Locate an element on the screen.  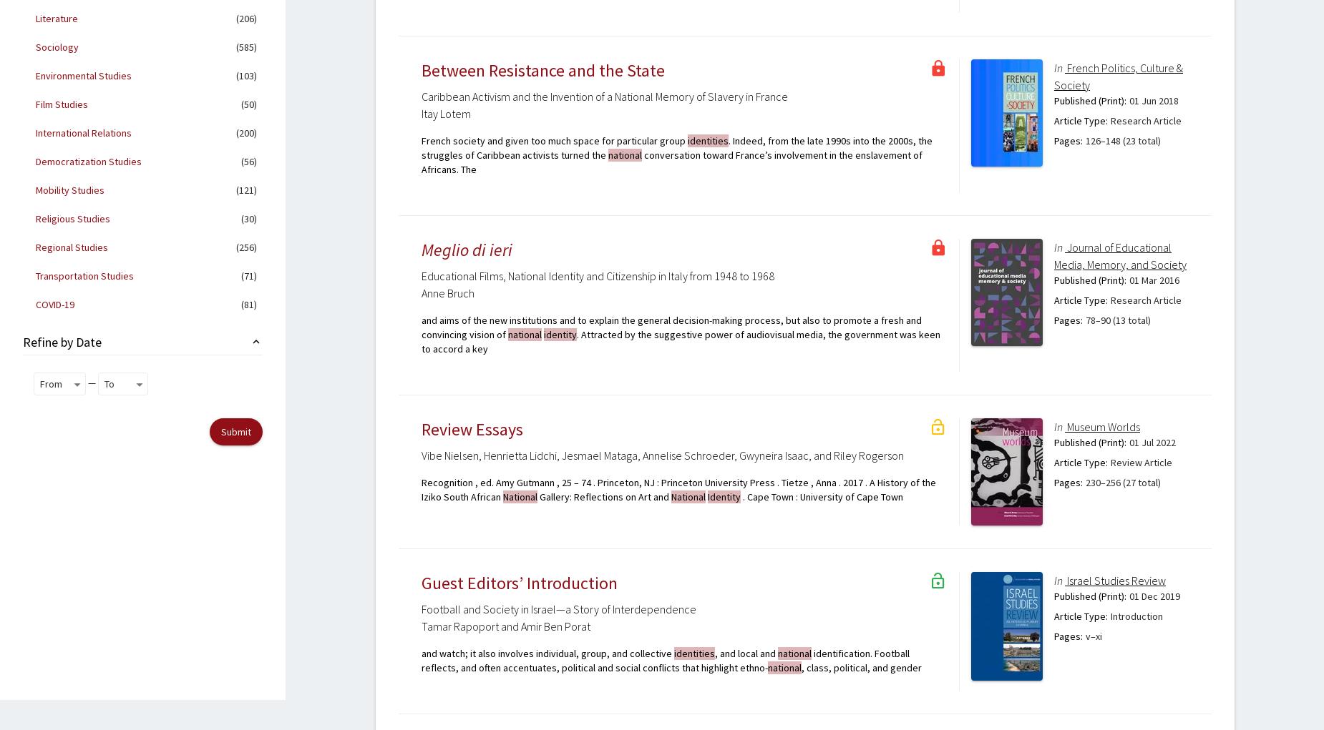
'. Attracted by the suggestive power of audiovisual media, the government was keen to accord a key' is located at coordinates (680, 341).